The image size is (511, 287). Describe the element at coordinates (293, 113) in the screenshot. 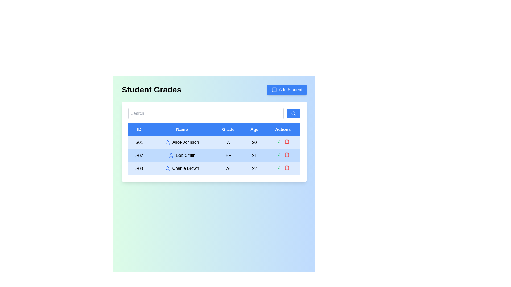

I see `the circular component of the search icon located at the upper-right corner of the table's header, beside the search bar` at that location.